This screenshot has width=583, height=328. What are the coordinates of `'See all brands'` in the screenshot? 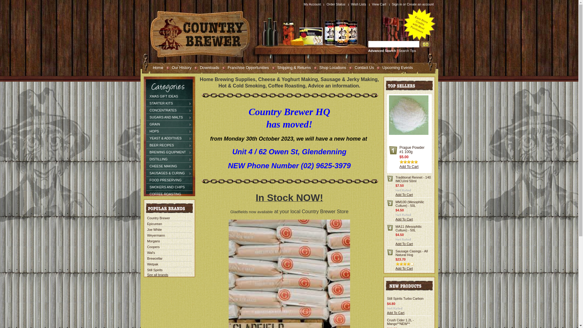 It's located at (157, 275).